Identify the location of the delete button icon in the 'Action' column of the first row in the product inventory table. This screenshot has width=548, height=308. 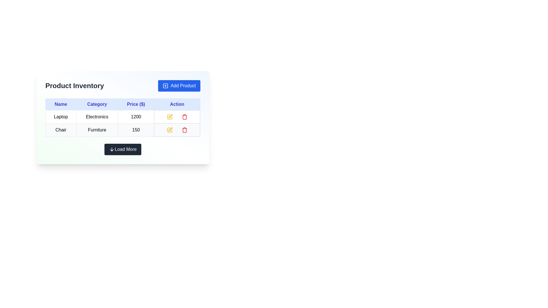
(184, 116).